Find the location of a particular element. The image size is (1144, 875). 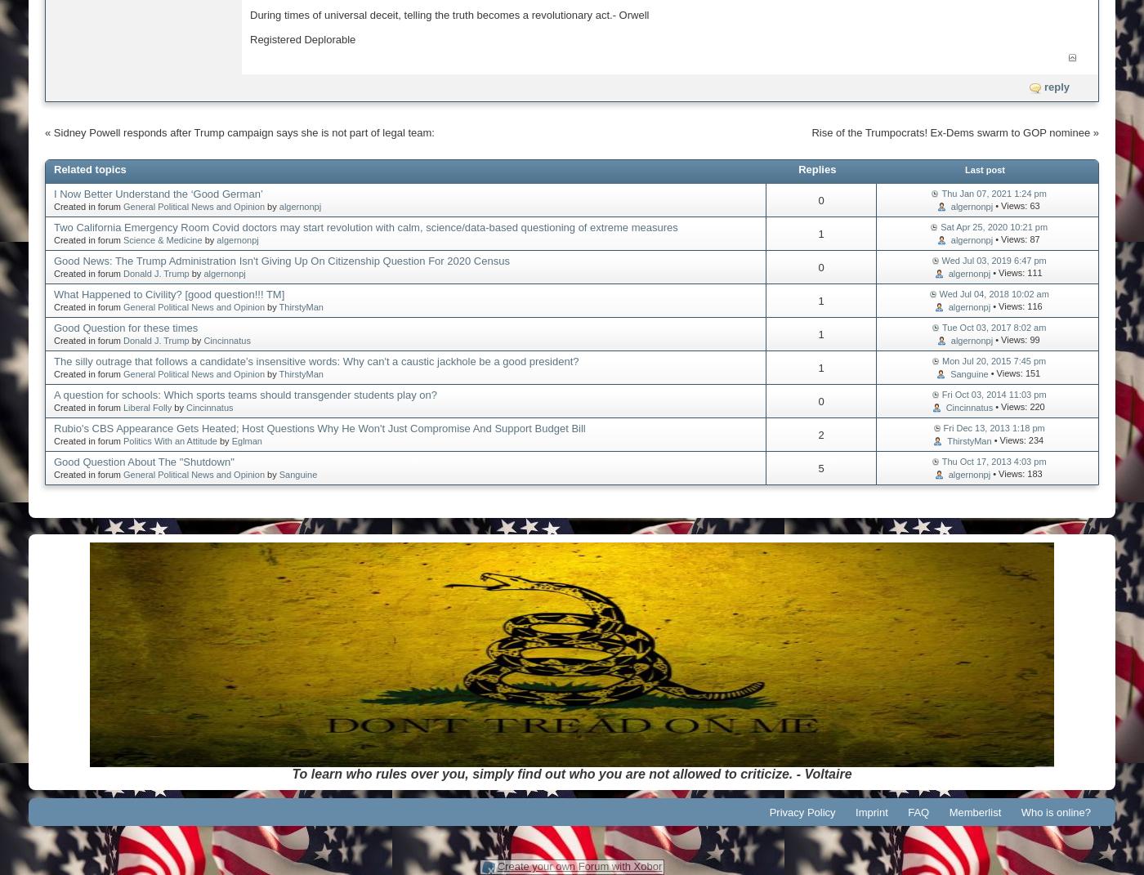

'• Views: 87' is located at coordinates (1016, 238).